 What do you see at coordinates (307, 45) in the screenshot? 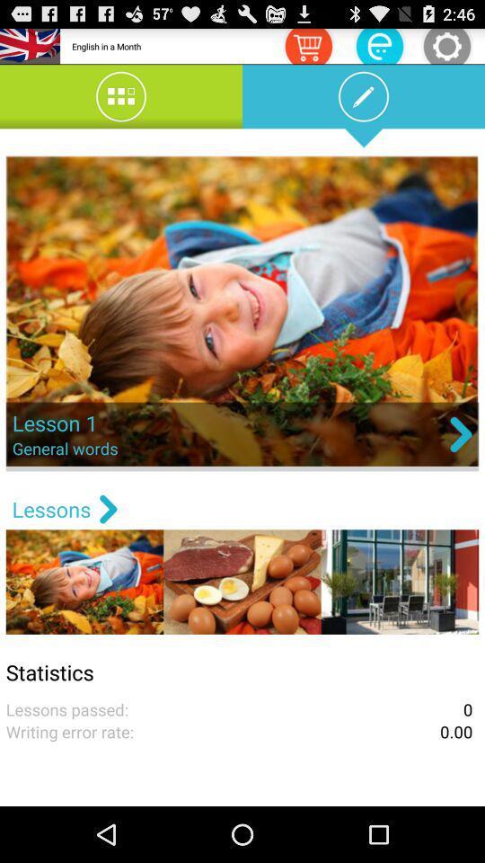
I see `icon to the right of english in a` at bounding box center [307, 45].